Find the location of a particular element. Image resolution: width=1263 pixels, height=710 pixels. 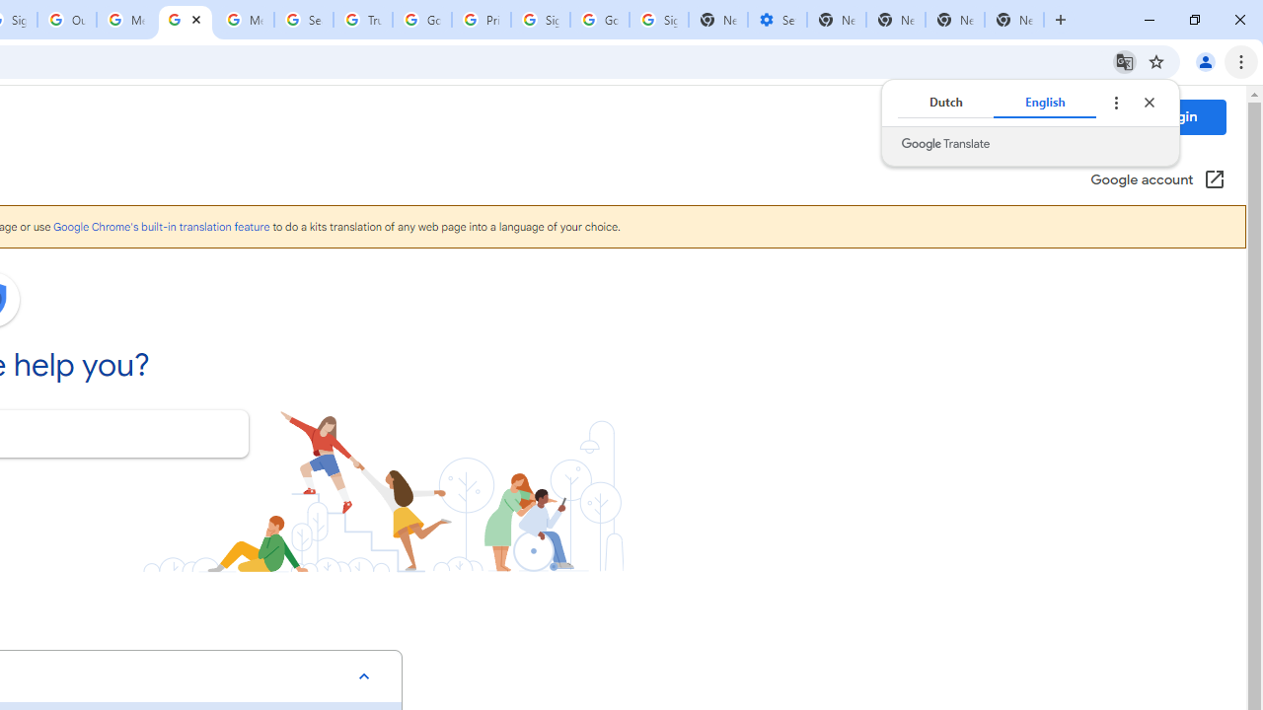

'Search our Doodle Library Collection - Google Doodles' is located at coordinates (302, 20).